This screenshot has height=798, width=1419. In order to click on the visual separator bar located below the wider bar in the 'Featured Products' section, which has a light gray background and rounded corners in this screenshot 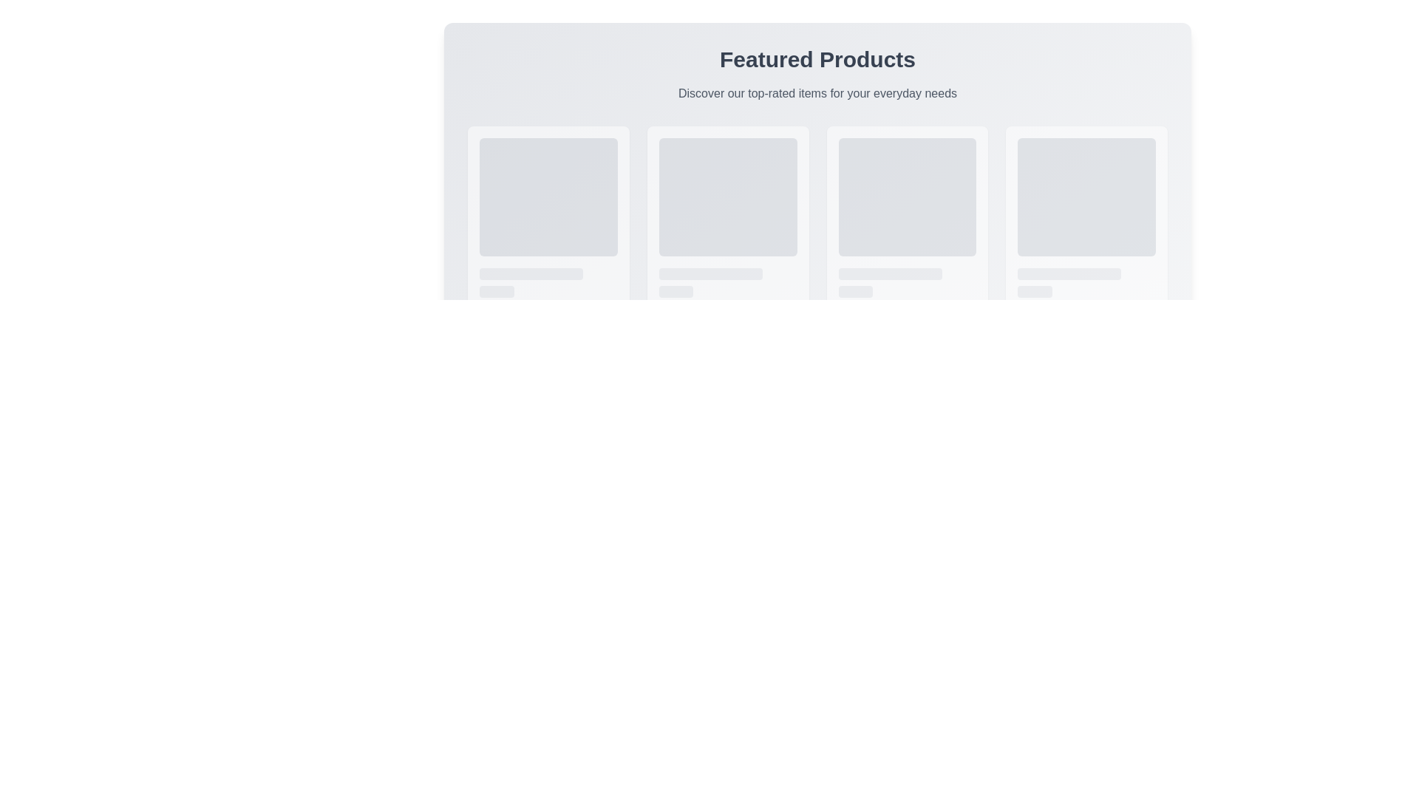, I will do `click(497, 291)`.